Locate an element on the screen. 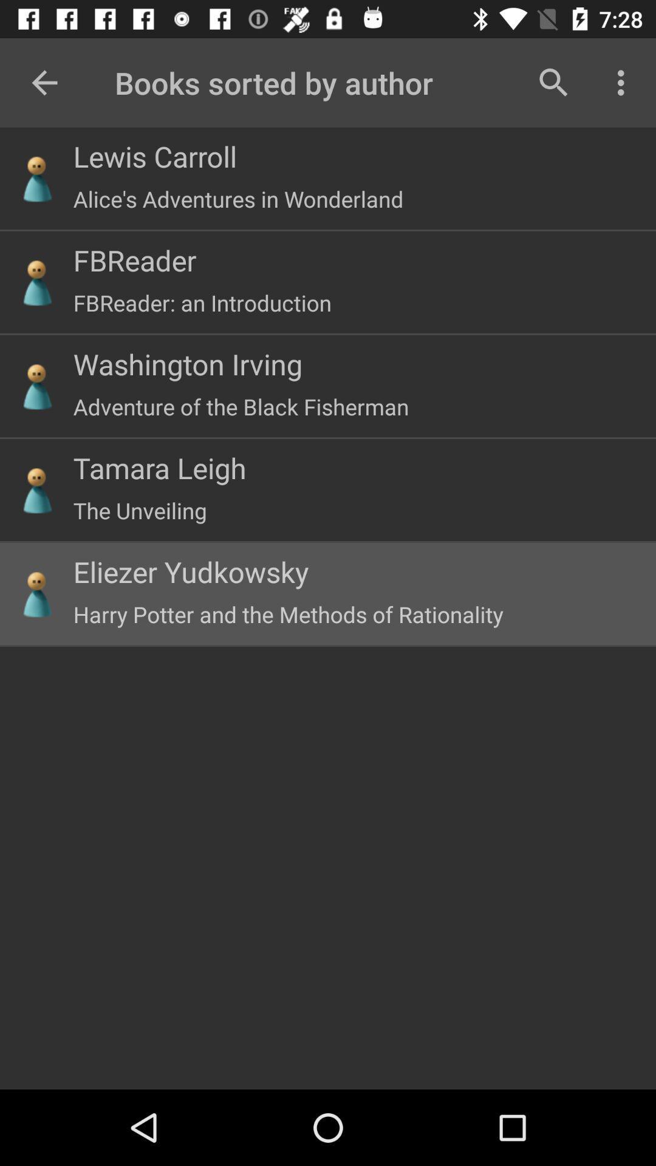  icon below the eliezer yudkowsky item is located at coordinates (288, 614).